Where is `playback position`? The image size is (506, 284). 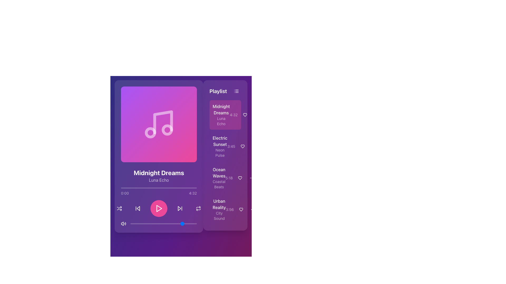 playback position is located at coordinates (159, 187).